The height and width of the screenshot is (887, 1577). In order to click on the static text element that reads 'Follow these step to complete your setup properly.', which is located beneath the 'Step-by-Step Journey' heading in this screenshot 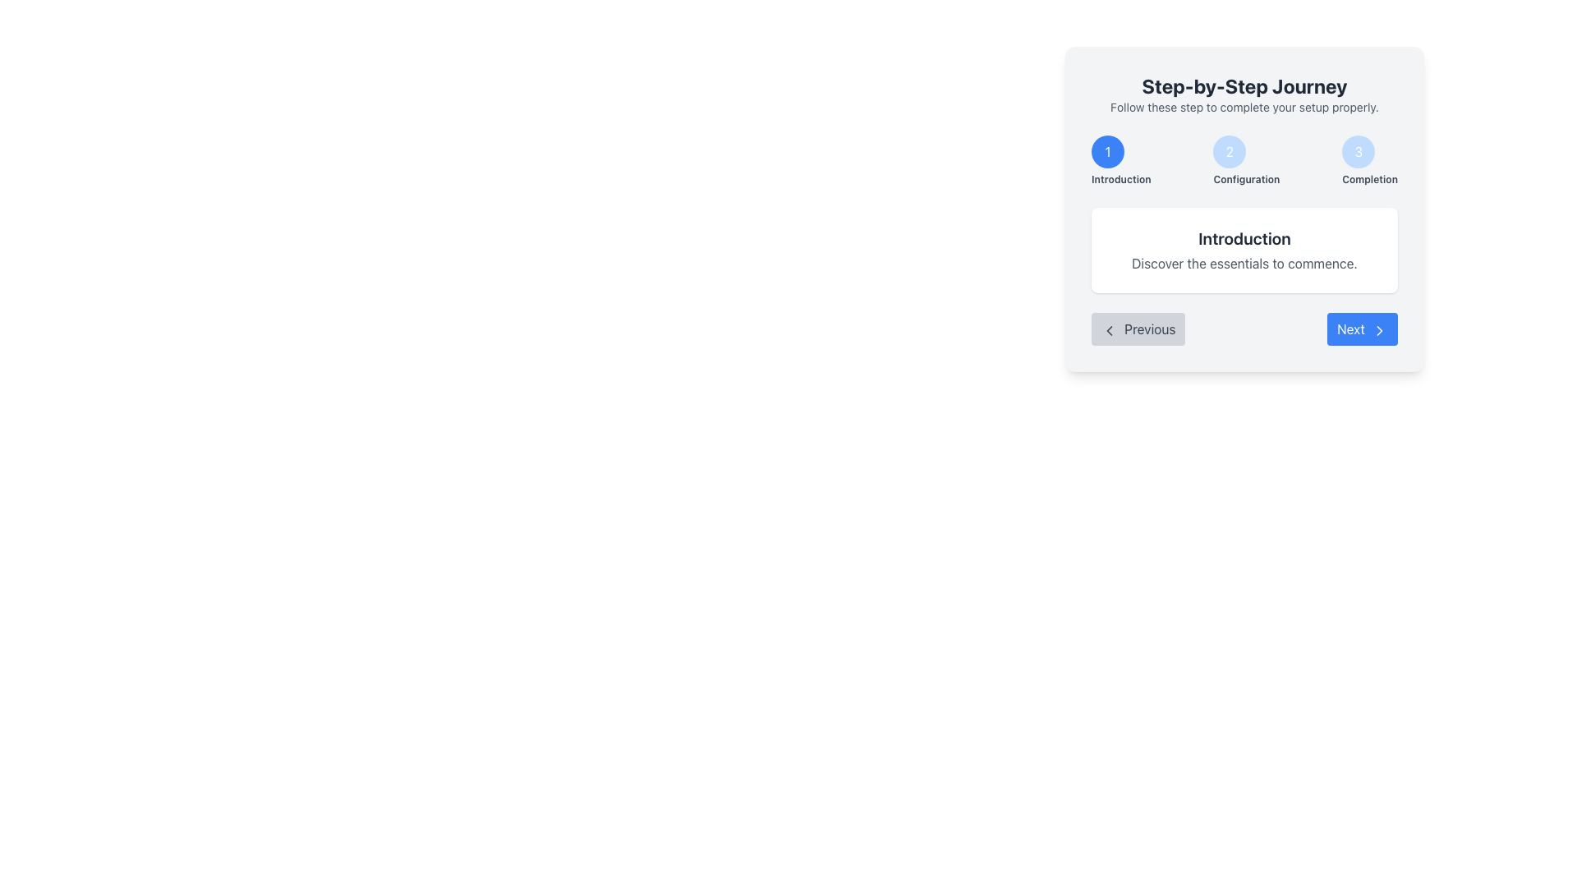, I will do `click(1244, 108)`.